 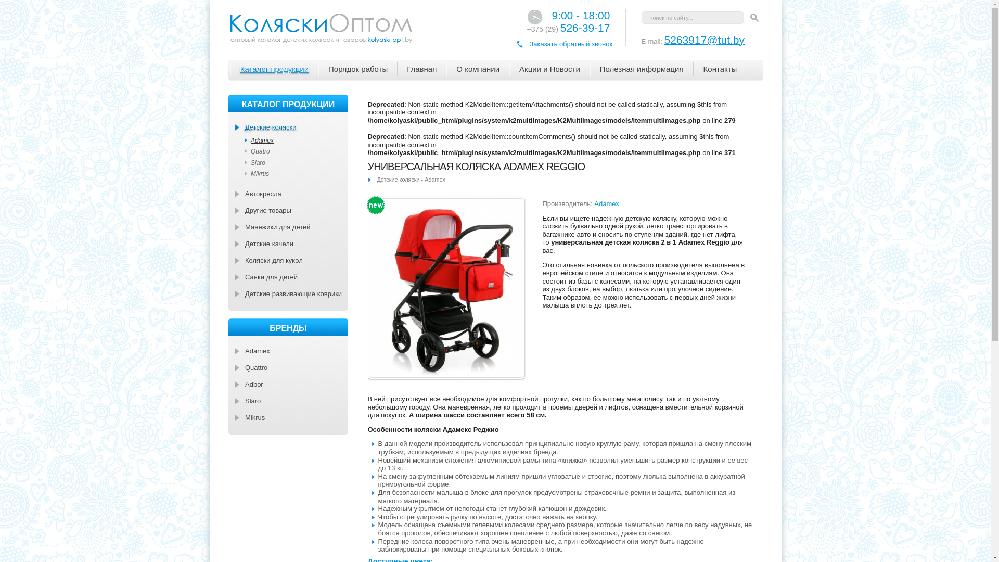 What do you see at coordinates (297, 151) in the screenshot?
I see `'Quatro'` at bounding box center [297, 151].